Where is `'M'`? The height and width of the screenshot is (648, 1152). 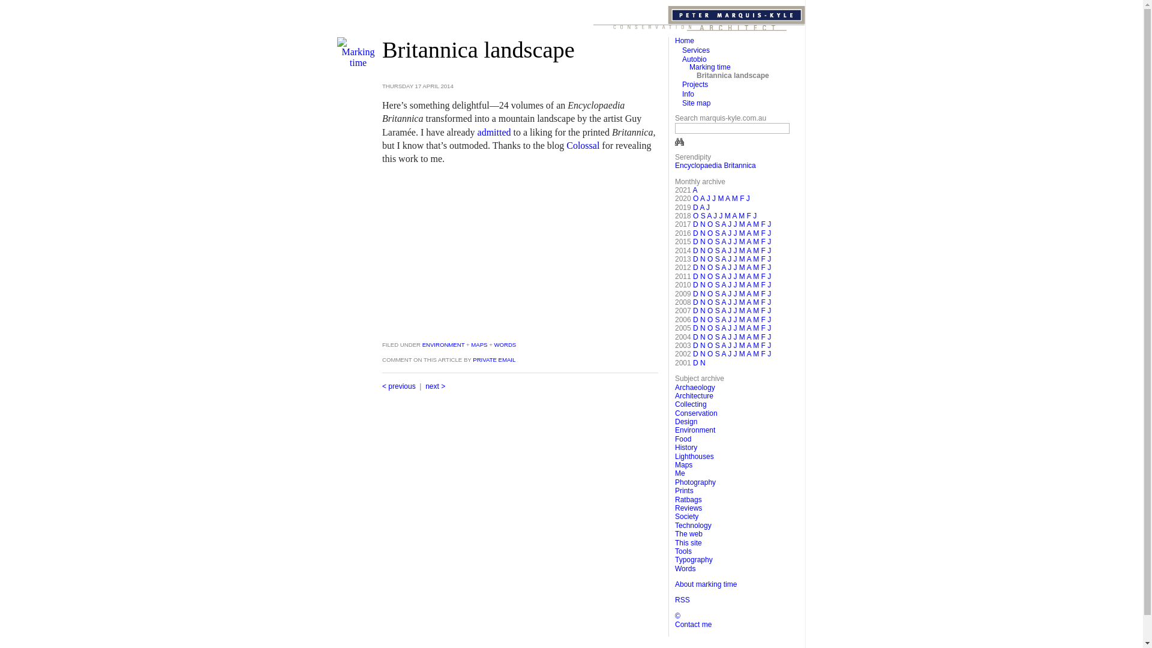
'M' is located at coordinates (755, 293).